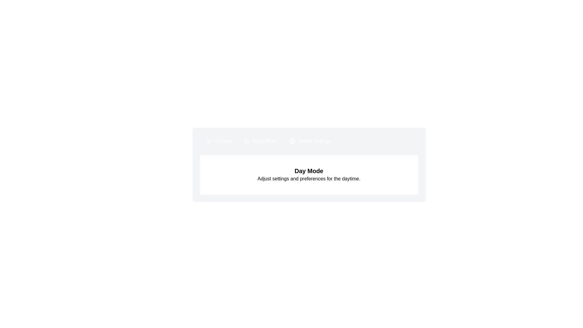 The width and height of the screenshot is (583, 328). I want to click on the Global Settings tab by clicking on its button, so click(310, 141).